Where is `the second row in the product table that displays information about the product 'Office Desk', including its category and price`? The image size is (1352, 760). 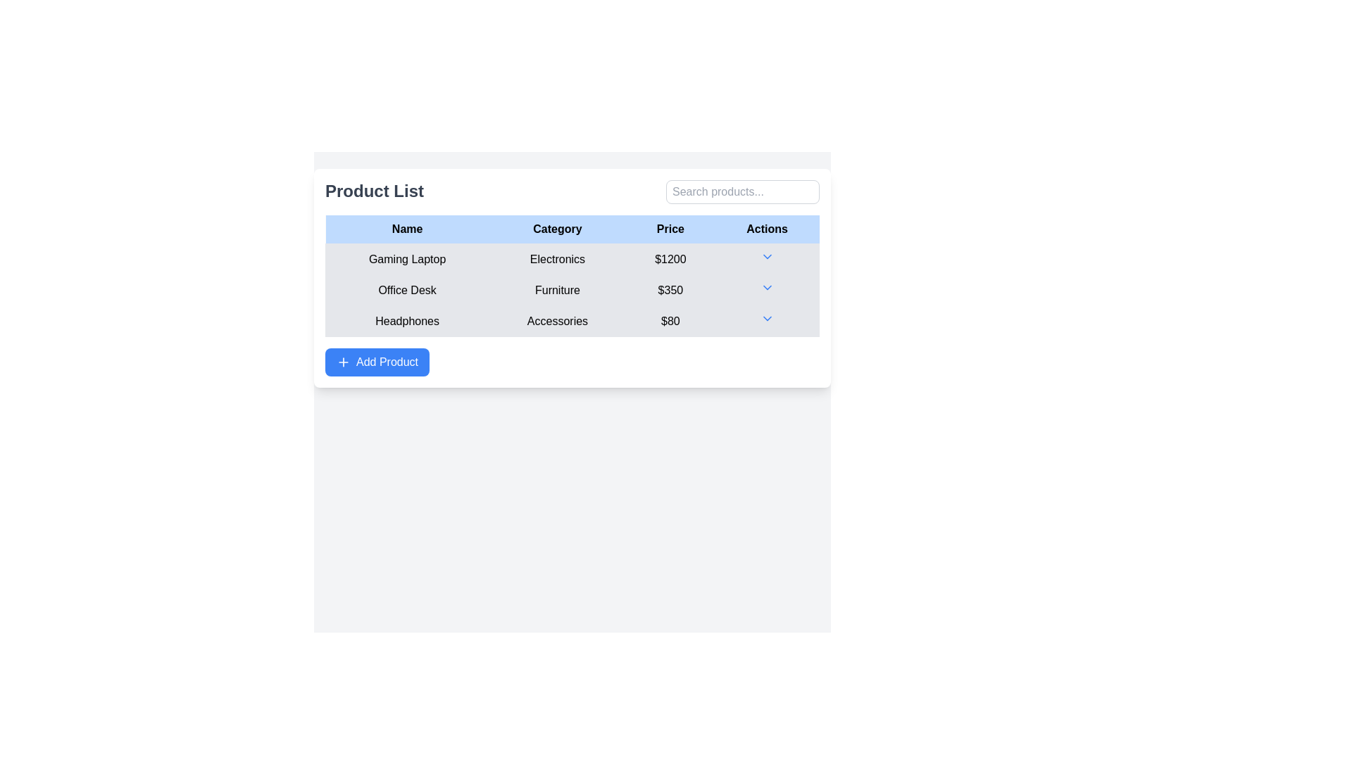 the second row in the product table that displays information about the product 'Office Desk', including its category and price is located at coordinates (572, 289).